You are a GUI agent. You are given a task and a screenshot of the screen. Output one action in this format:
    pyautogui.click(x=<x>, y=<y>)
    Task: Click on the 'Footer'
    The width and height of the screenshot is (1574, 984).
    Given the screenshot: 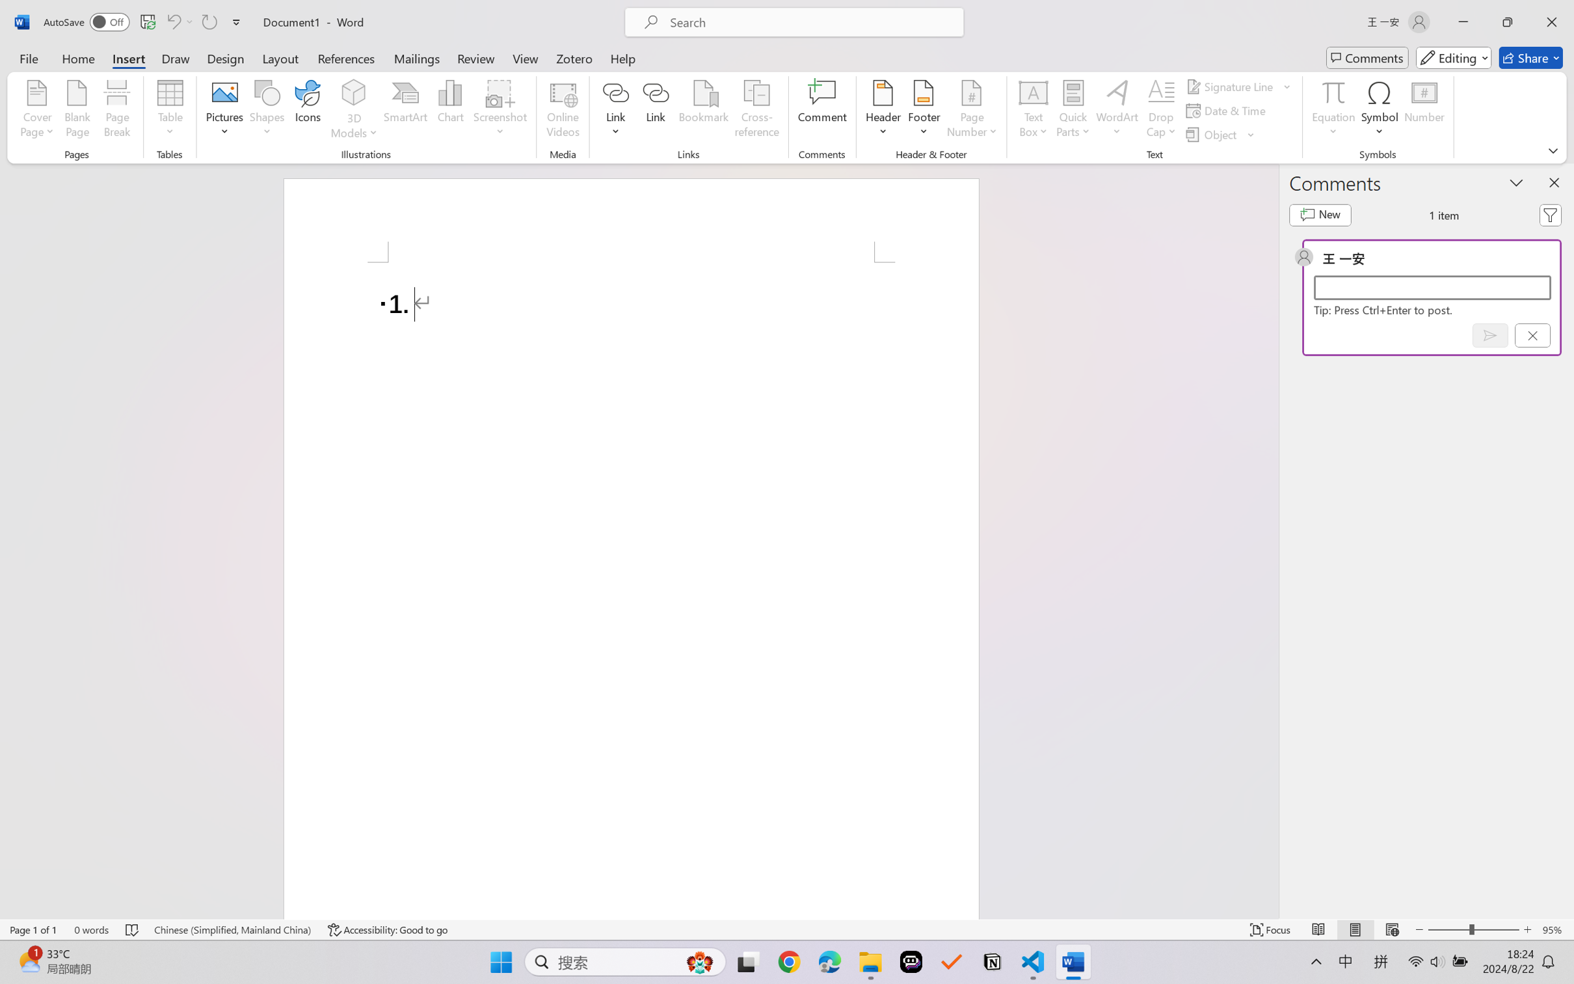 What is the action you would take?
    pyautogui.click(x=923, y=111)
    